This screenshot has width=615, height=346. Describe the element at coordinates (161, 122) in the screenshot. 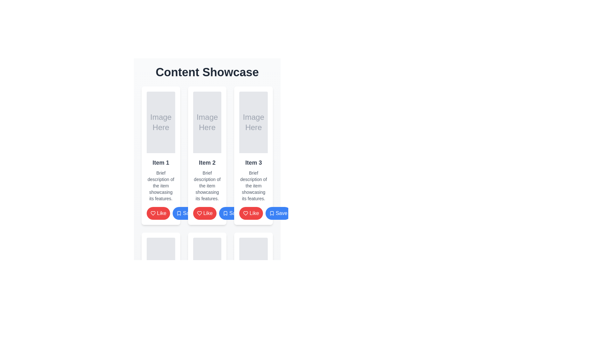

I see `the text label positioned at the top section of the first card, which indicates the intended visual content for the card, located directly above 'Item 1'` at that location.